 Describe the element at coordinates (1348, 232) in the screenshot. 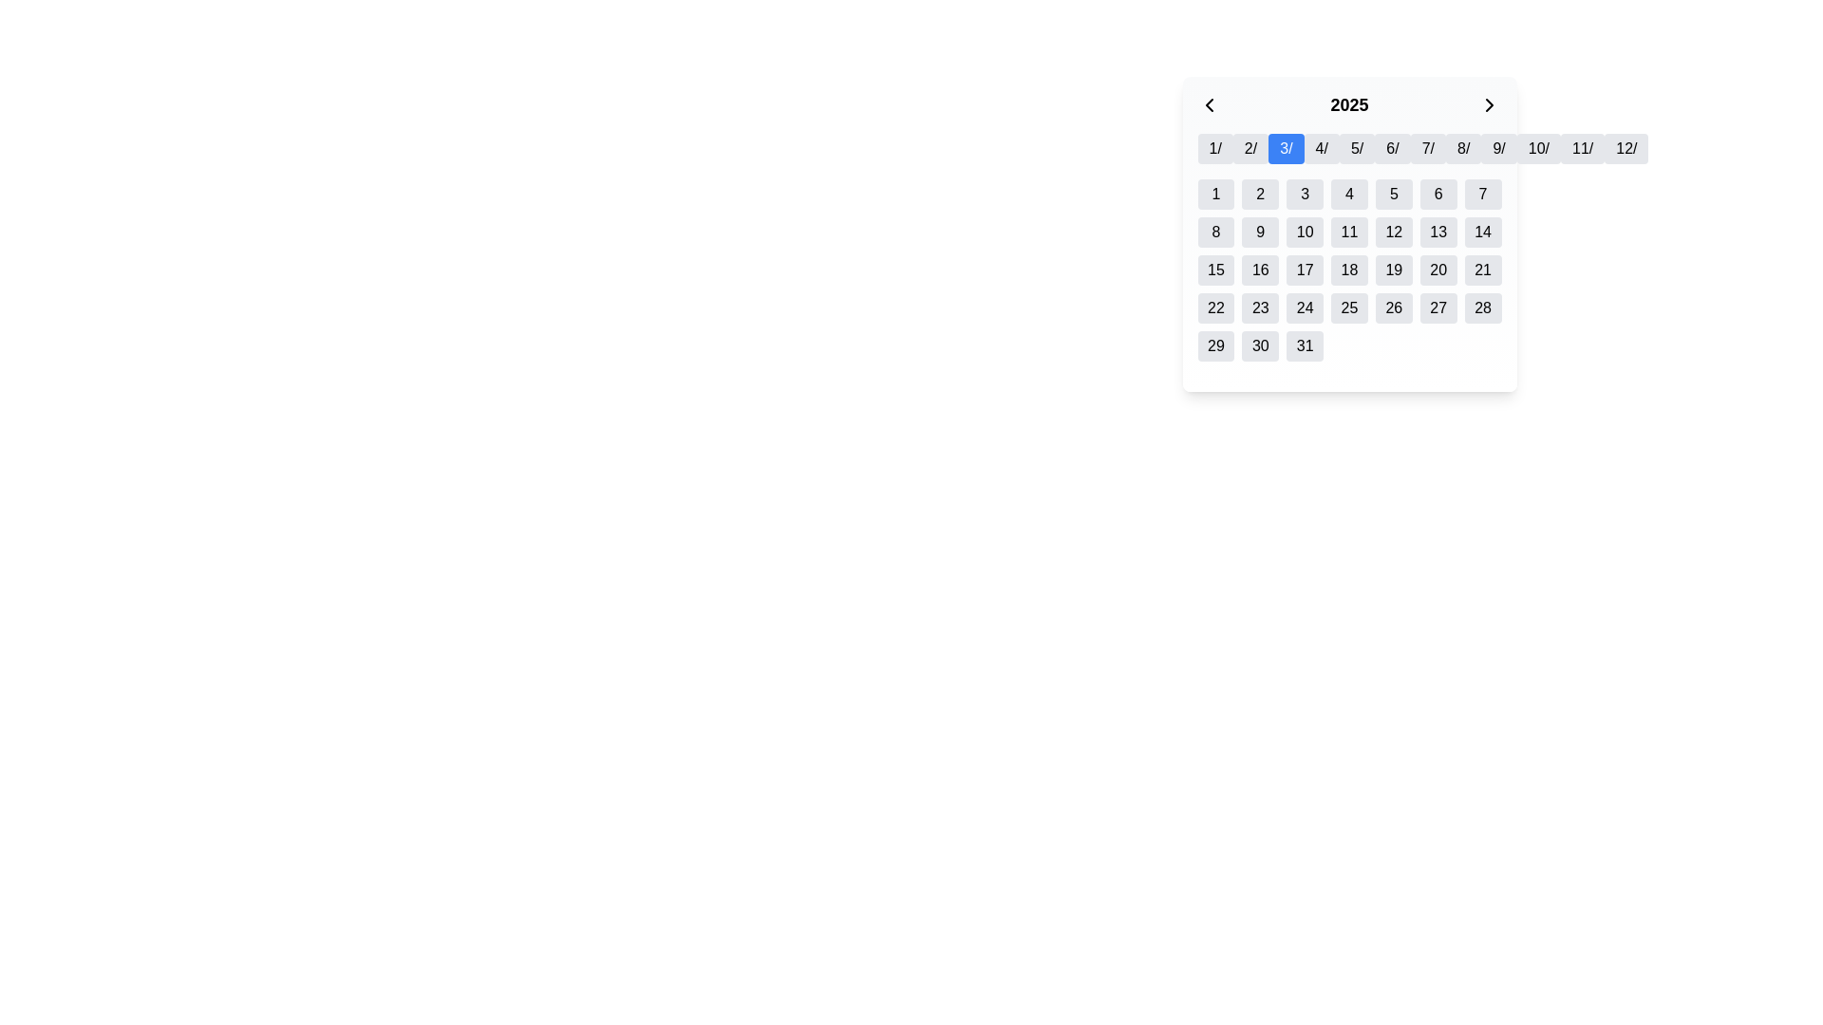

I see `the button representing the date '11' in the calendar widget, located in the second row and fourth column of the grid layout` at that location.